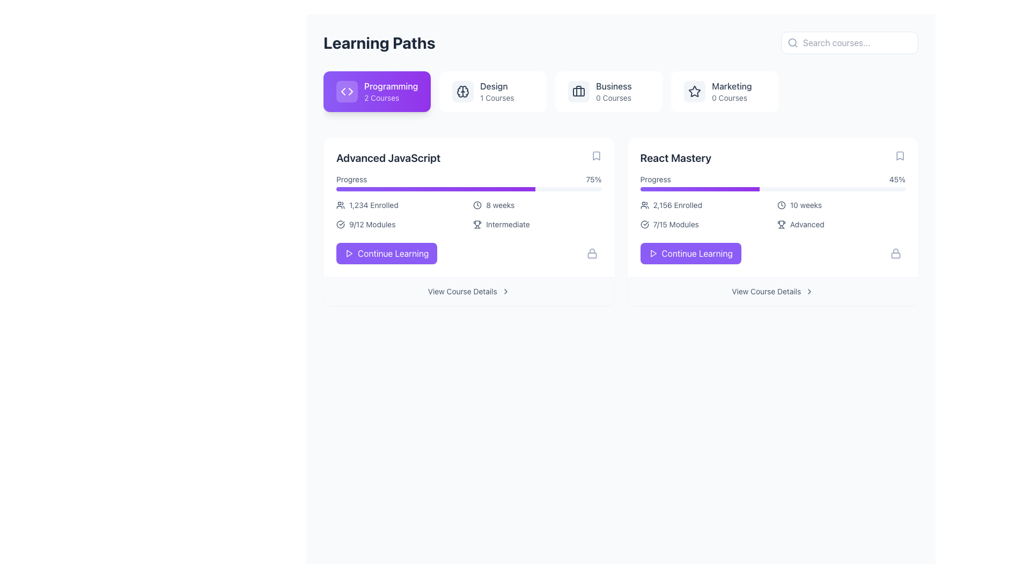 This screenshot has width=1030, height=579. I want to click on the SVG graphical icon representing the 'Design' course category, located at the upper-left area of the 'Design' course card, so click(463, 91).